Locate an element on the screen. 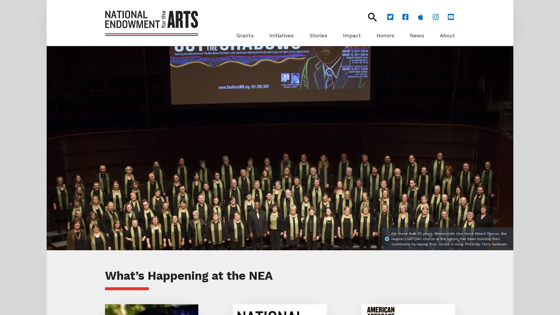 Image resolution: width=560 pixels, height=315 pixels. Close Search is located at coordinates (369, 17).